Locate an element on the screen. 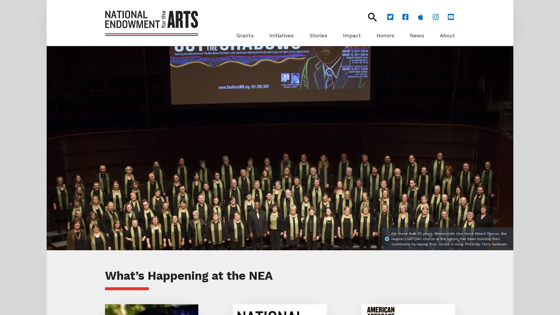 Image resolution: width=560 pixels, height=315 pixels. Close Search is located at coordinates (369, 17).